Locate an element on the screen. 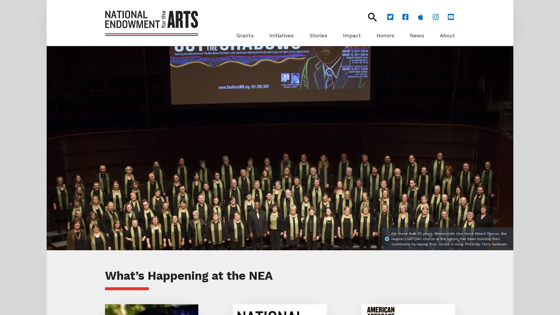 Image resolution: width=560 pixels, height=315 pixels. Close Search is located at coordinates (369, 17).